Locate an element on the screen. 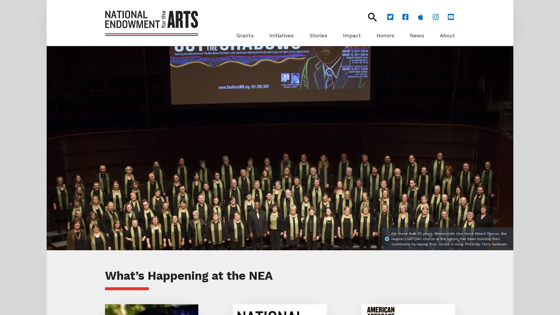 Image resolution: width=560 pixels, height=315 pixels. Close Search is located at coordinates (369, 17).